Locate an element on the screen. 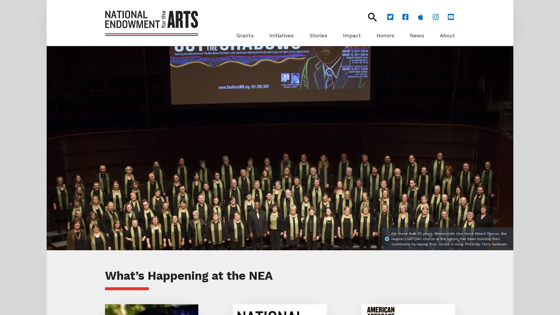 Image resolution: width=560 pixels, height=315 pixels. Close Search is located at coordinates (369, 17).